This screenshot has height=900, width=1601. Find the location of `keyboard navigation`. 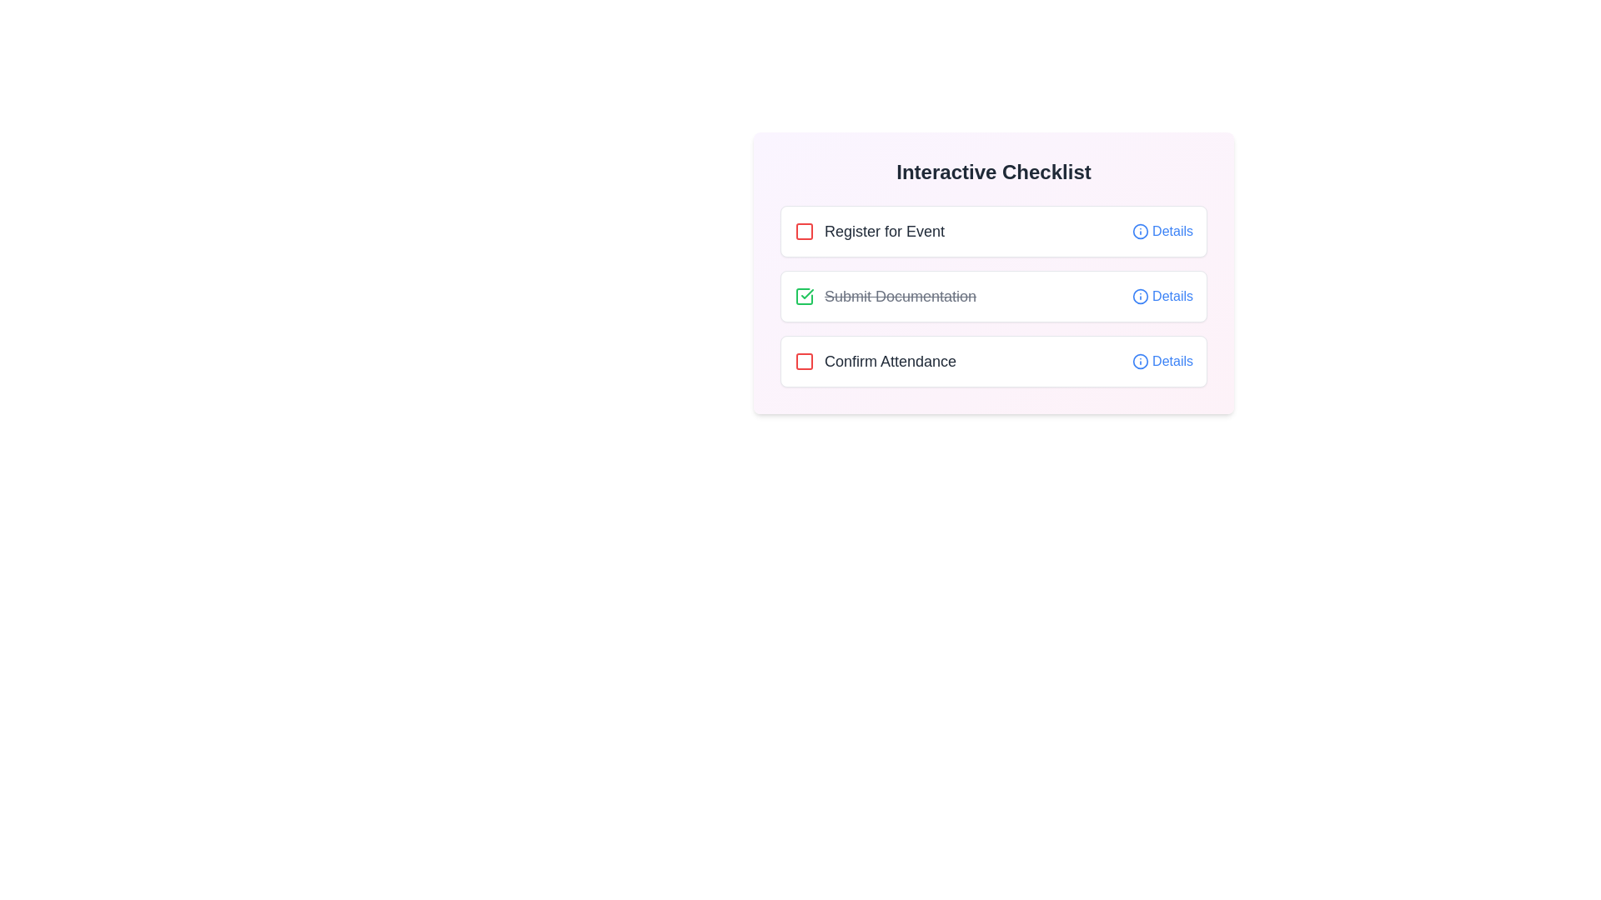

keyboard navigation is located at coordinates (875, 361).